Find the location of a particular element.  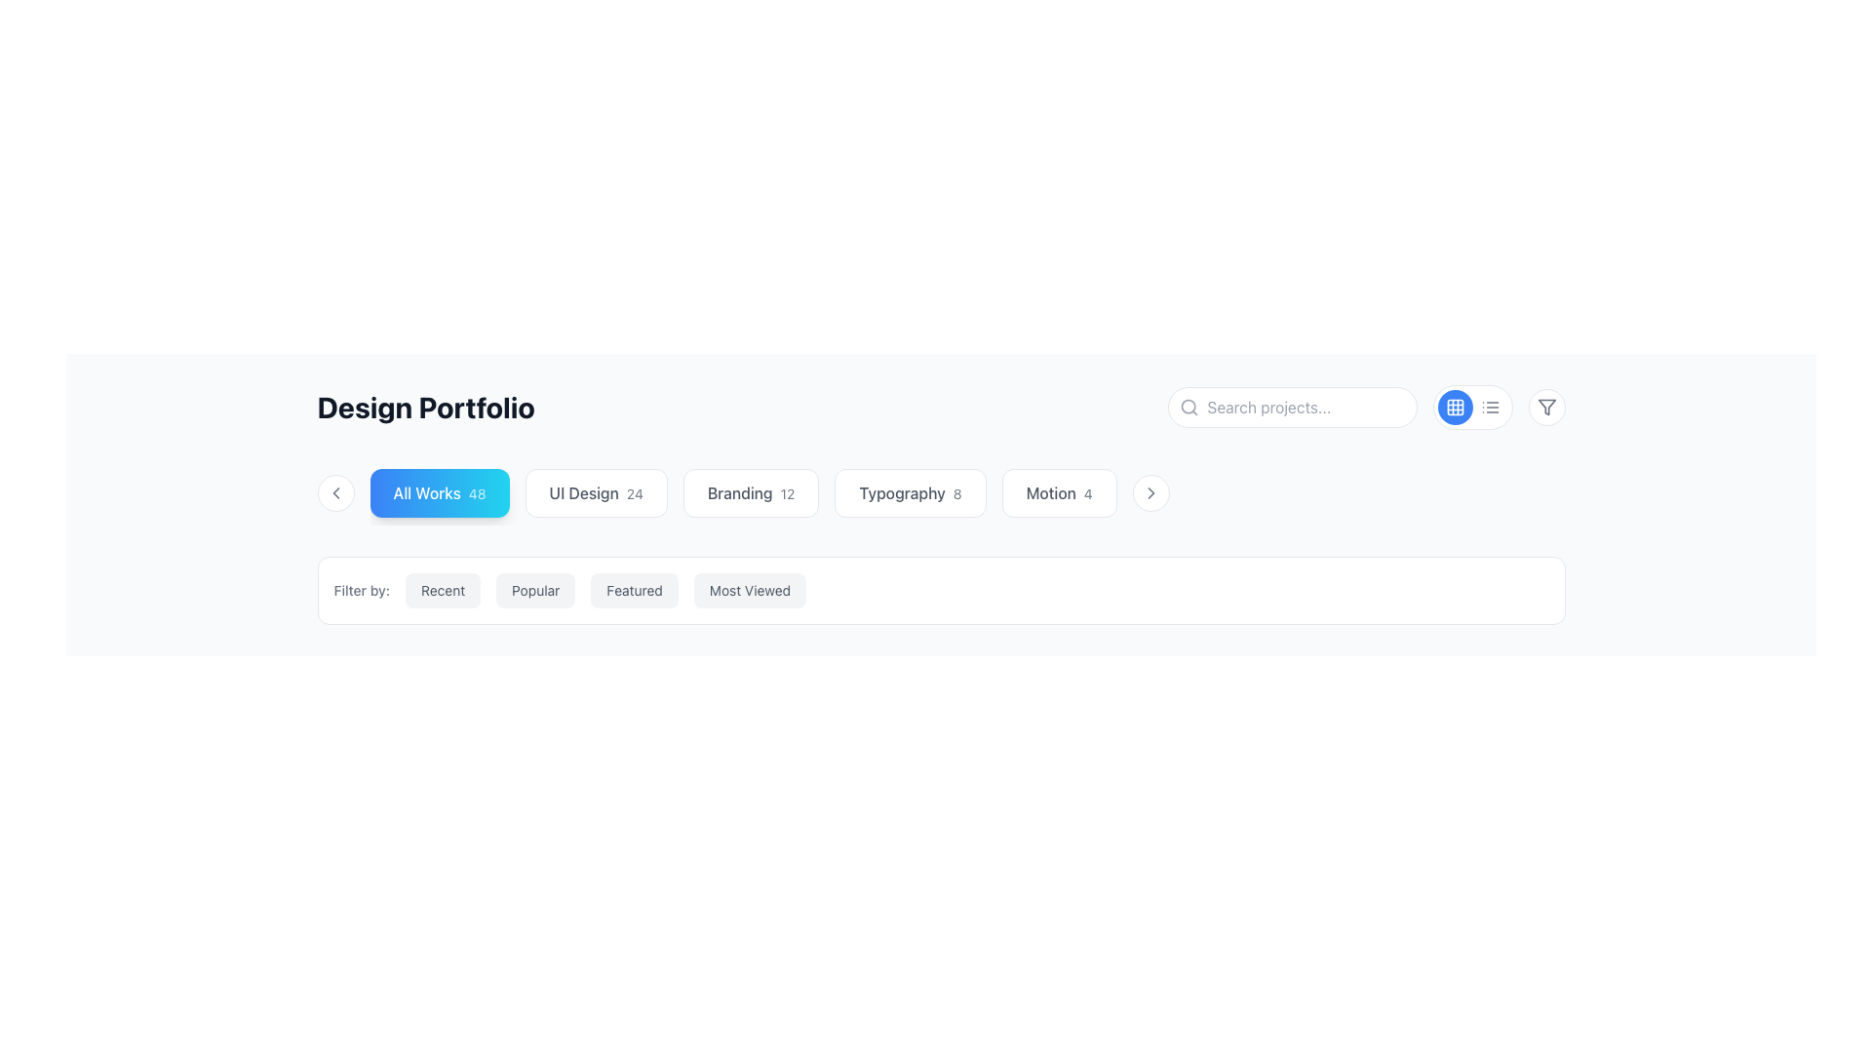

the interactive clickable tag labeled 'Branding' that displays the count '12' to filter by this category is located at coordinates (742, 491).